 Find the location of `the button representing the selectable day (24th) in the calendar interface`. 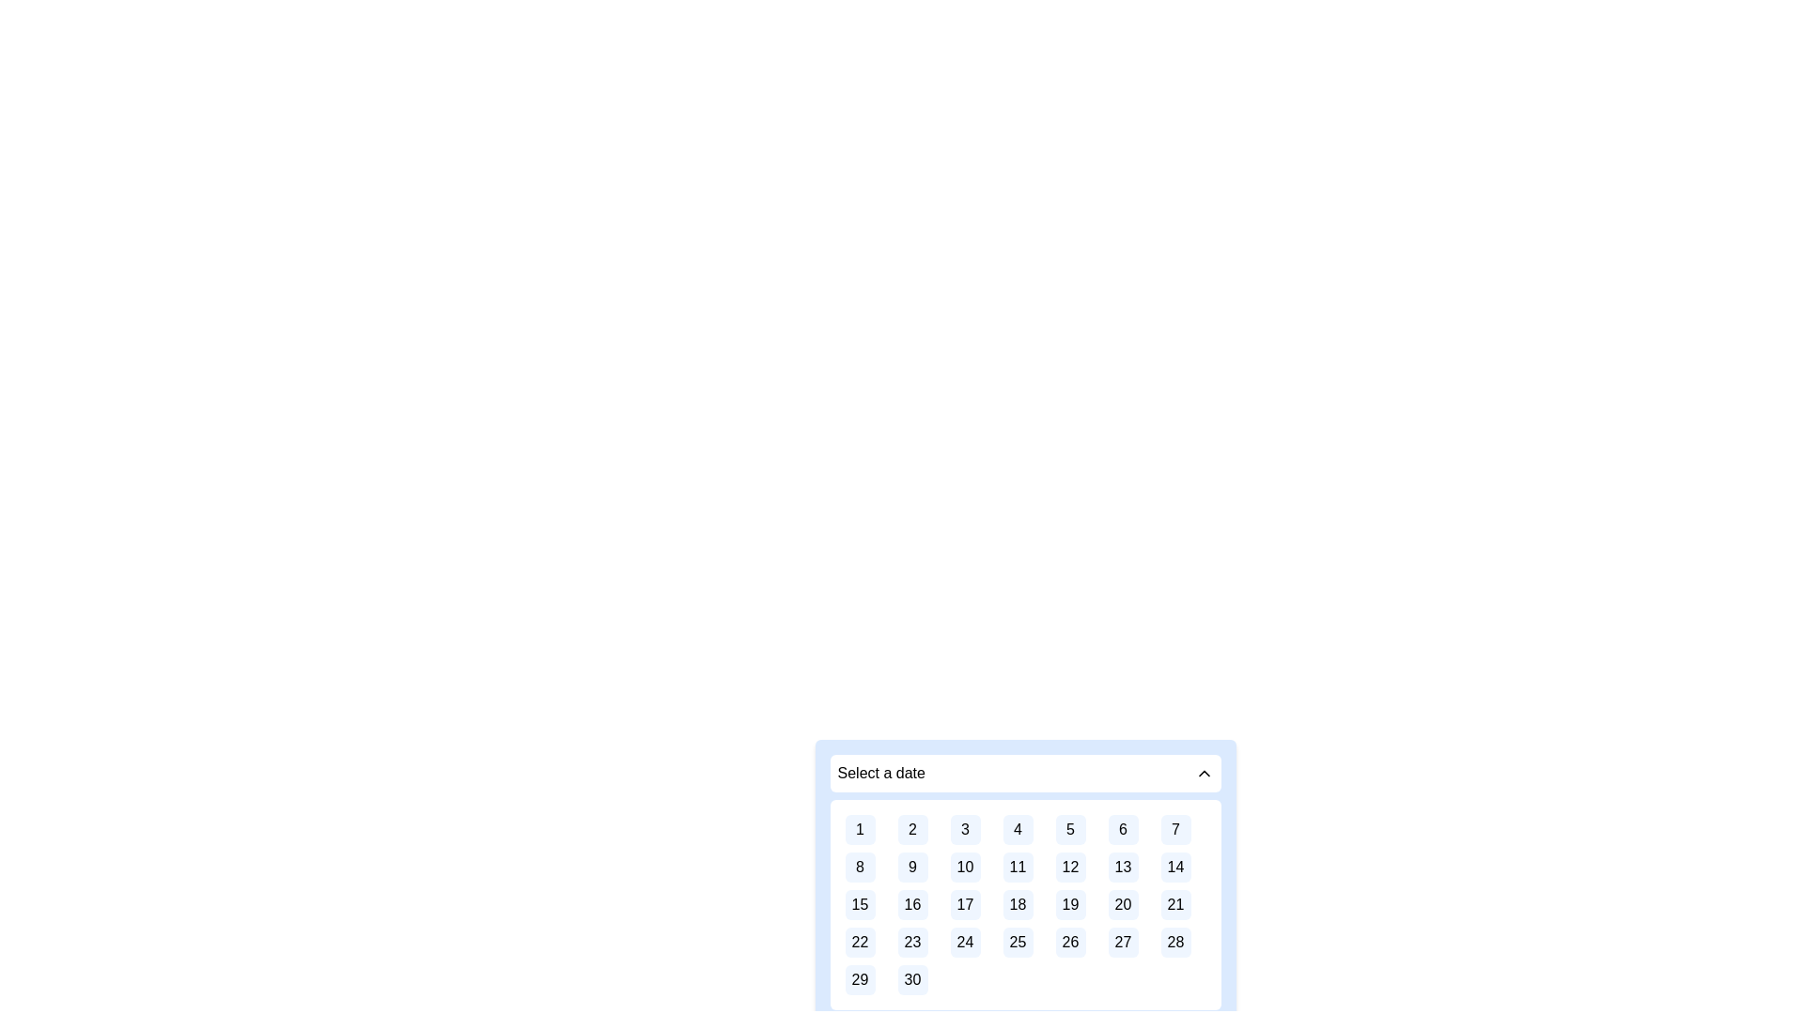

the button representing the selectable day (24th) in the calendar interface is located at coordinates (965, 942).